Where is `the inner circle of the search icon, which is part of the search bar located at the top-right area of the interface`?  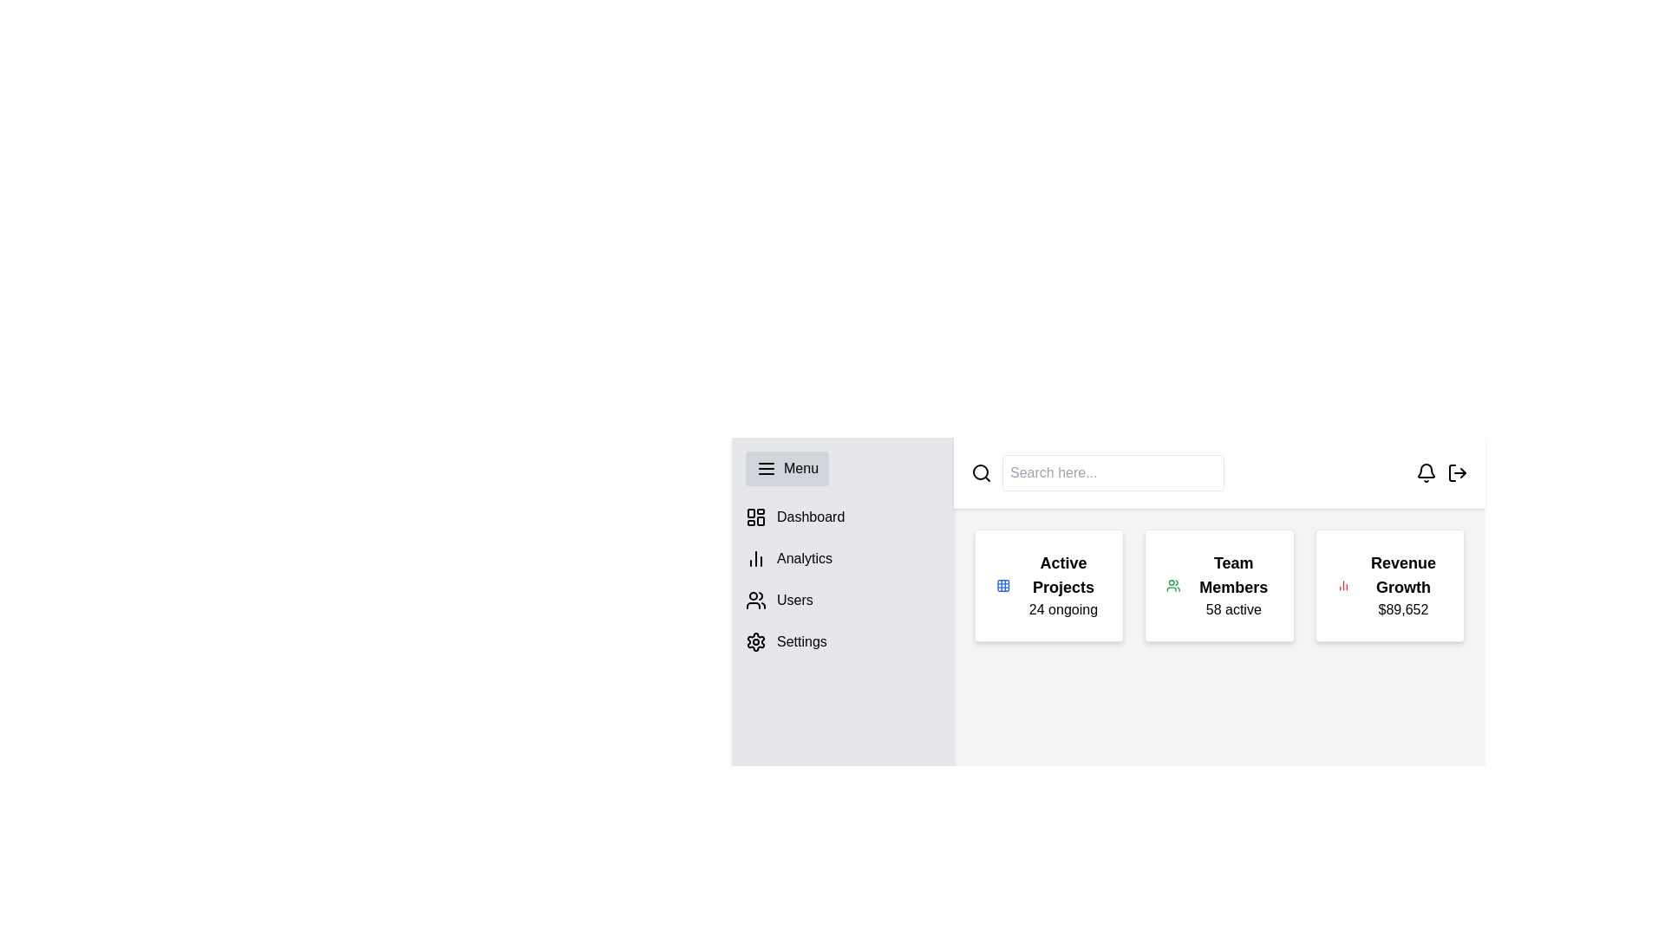 the inner circle of the search icon, which is part of the search bar located at the top-right area of the interface is located at coordinates (981, 471).